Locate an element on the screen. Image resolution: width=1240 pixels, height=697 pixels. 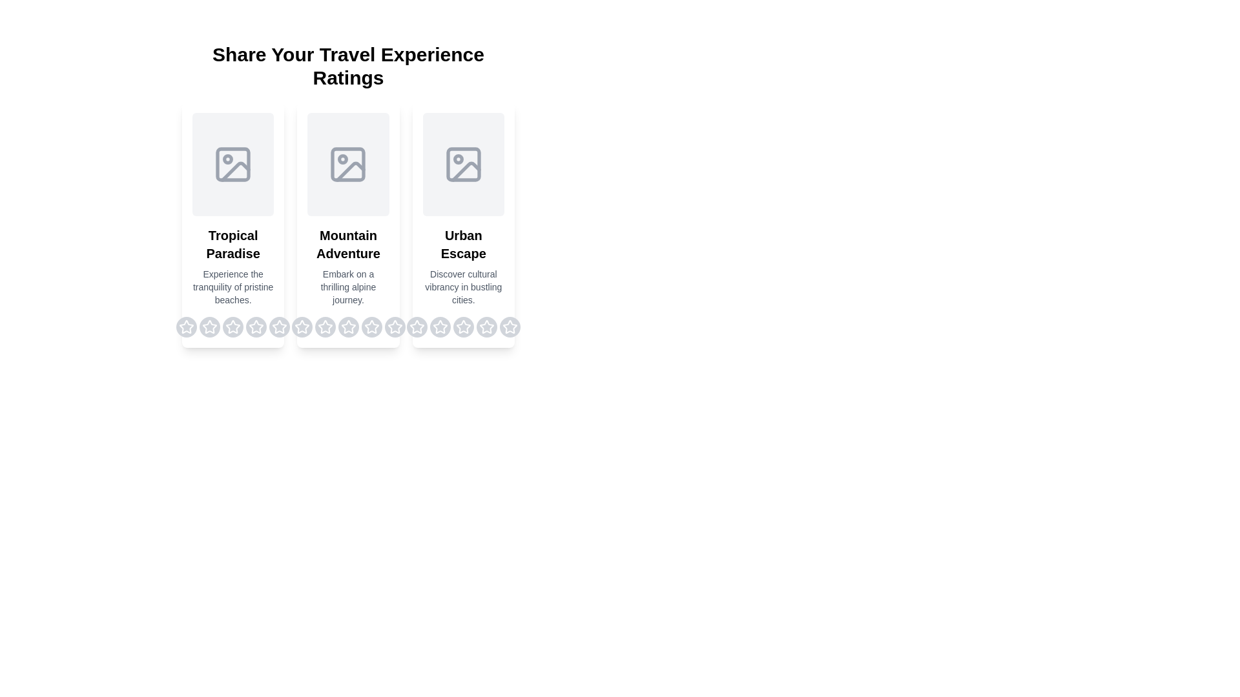
the rating for a destination to 2 stars by clicking on the corresponding star for the destination Urban Escape is located at coordinates (440, 326).